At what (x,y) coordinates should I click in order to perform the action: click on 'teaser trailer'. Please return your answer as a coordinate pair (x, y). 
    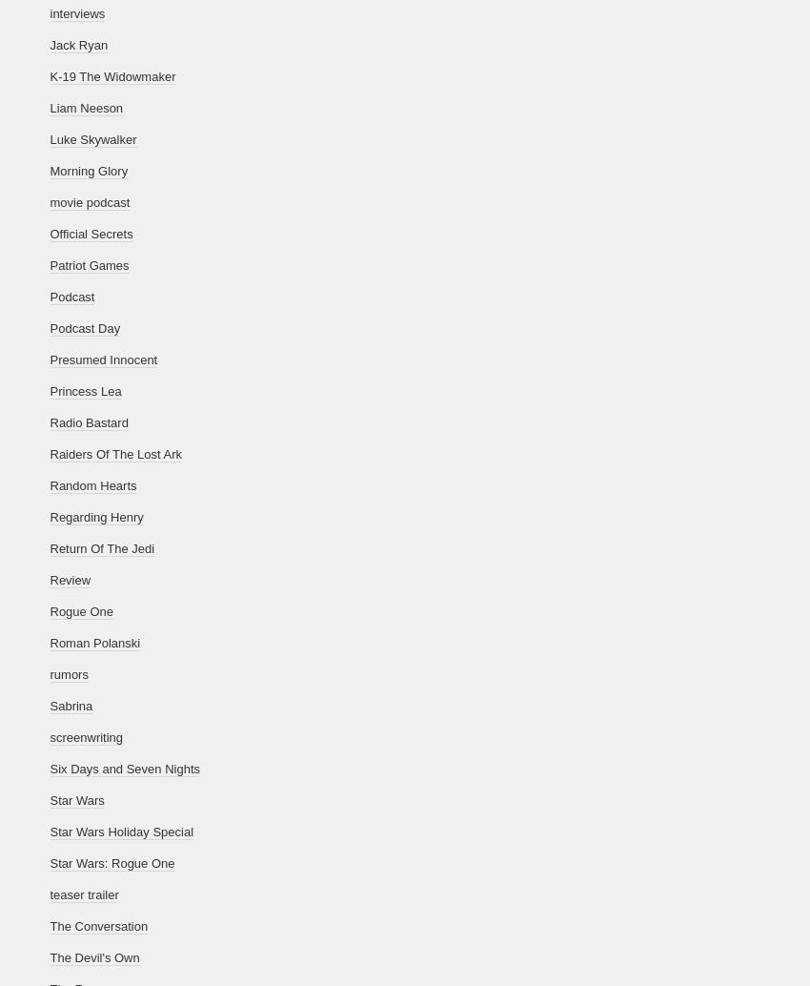
    Looking at the image, I should click on (82, 894).